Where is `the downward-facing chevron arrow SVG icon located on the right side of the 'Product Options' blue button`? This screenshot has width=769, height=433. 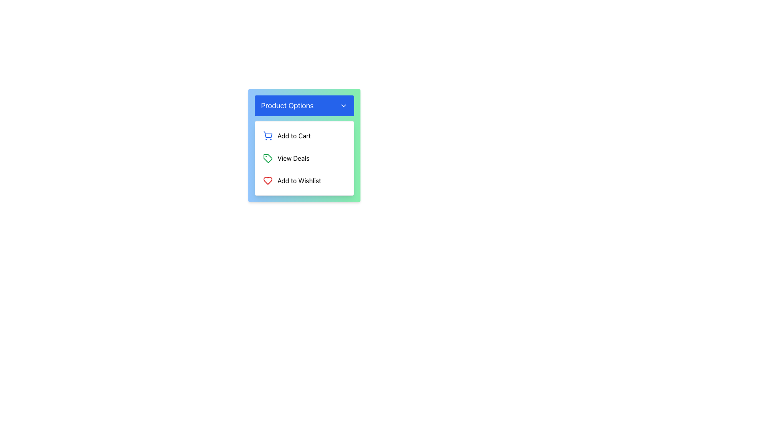
the downward-facing chevron arrow SVG icon located on the right side of the 'Product Options' blue button is located at coordinates (344, 105).